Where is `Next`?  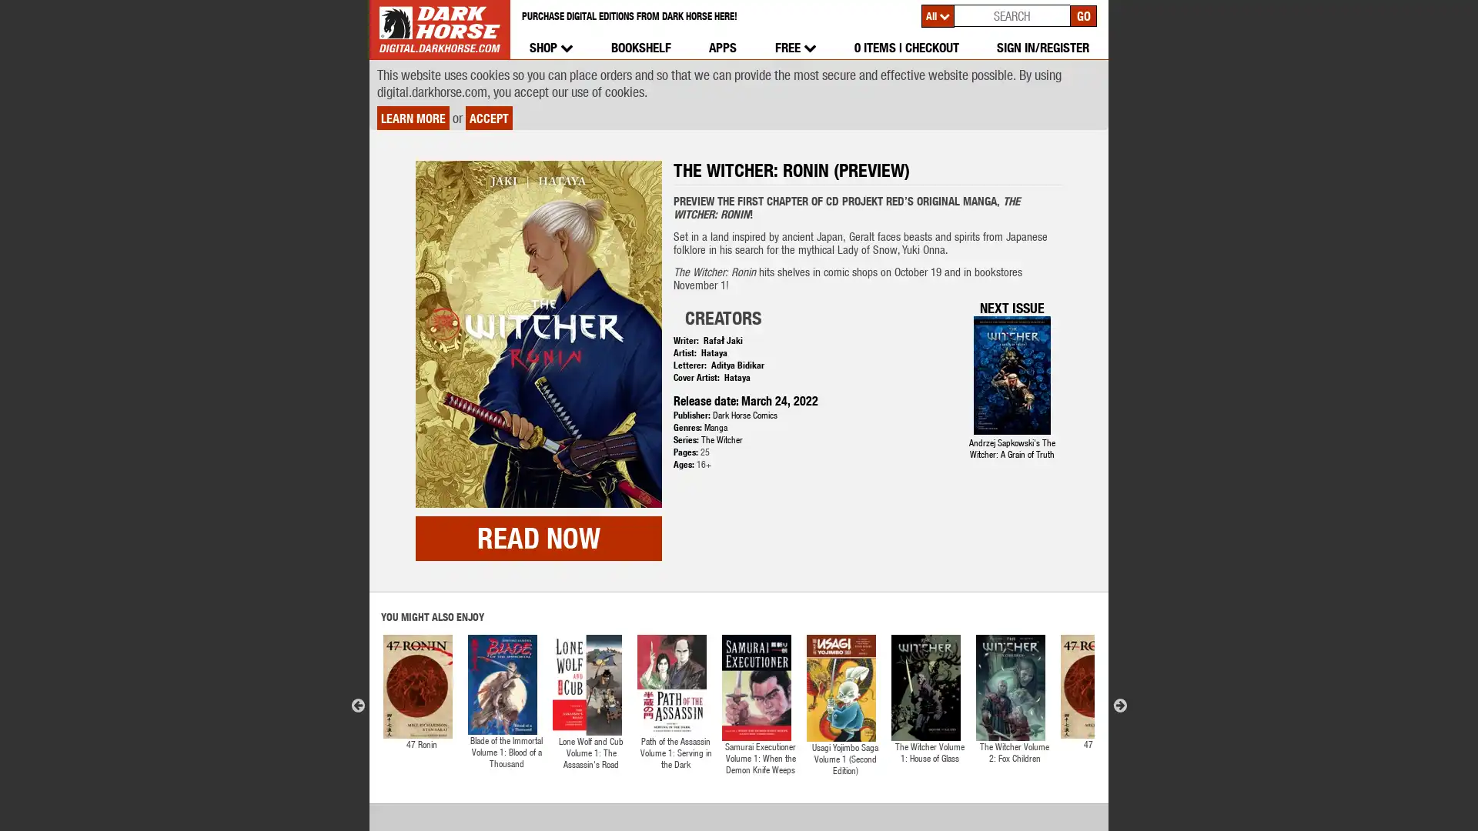
Next is located at coordinates (1119, 635).